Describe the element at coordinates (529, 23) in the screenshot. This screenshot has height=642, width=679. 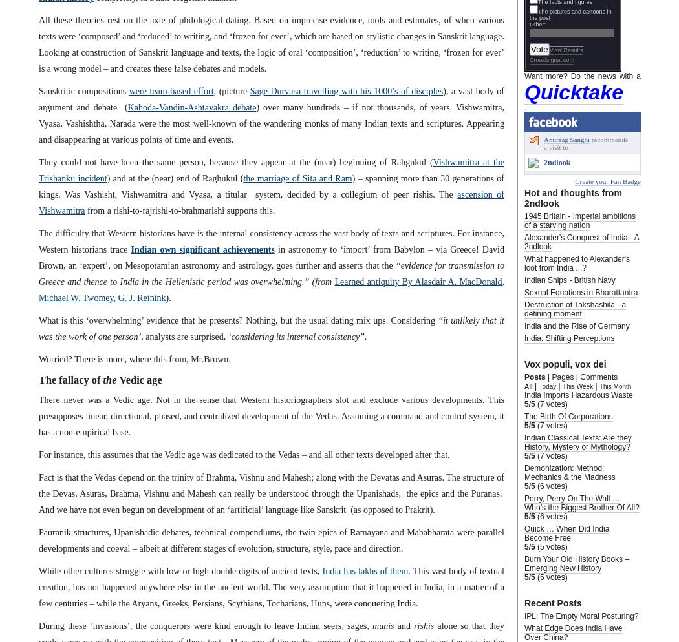
I see `'Other:'` at that location.